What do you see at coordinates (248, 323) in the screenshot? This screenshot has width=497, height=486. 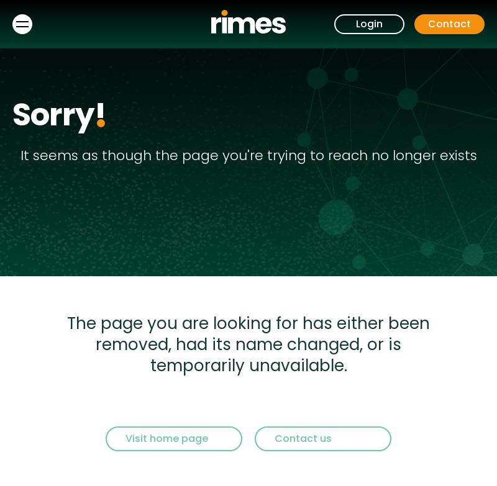 I see `'The page you are looking for has either been'` at bounding box center [248, 323].